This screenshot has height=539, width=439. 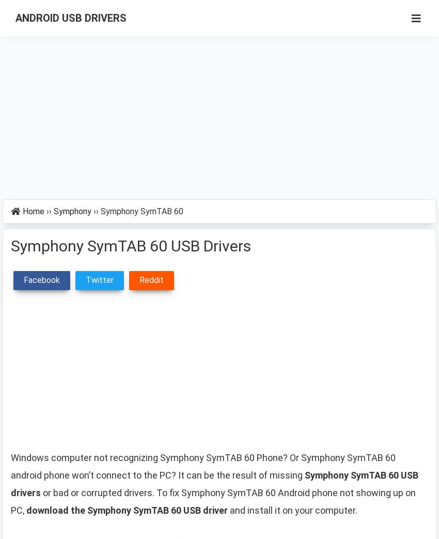 I want to click on 'Symphony SymTAB 60', so click(x=141, y=210).